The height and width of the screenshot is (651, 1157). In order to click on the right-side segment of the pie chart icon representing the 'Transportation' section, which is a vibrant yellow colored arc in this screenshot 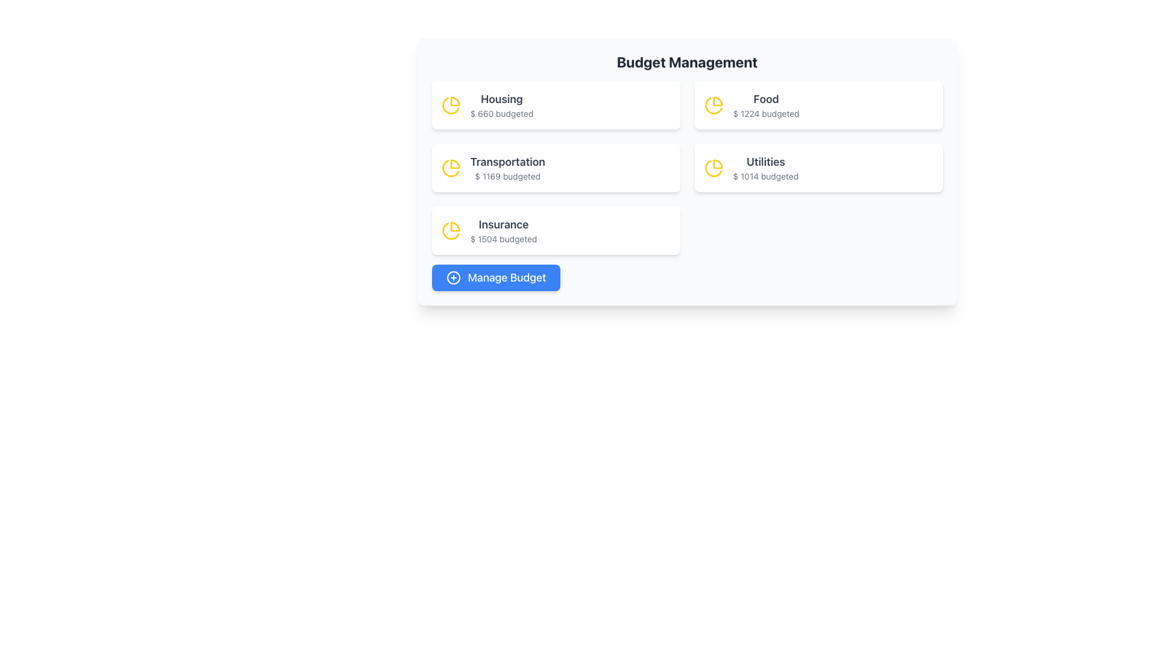, I will do `click(454, 164)`.